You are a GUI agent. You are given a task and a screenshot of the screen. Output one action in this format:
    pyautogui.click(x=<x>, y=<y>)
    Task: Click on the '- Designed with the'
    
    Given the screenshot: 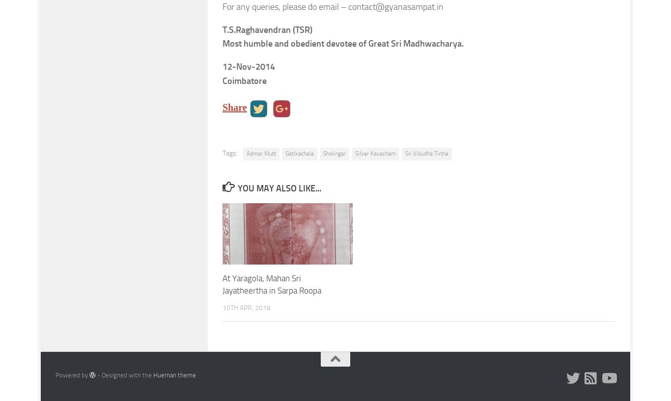 What is the action you would take?
    pyautogui.click(x=124, y=374)
    